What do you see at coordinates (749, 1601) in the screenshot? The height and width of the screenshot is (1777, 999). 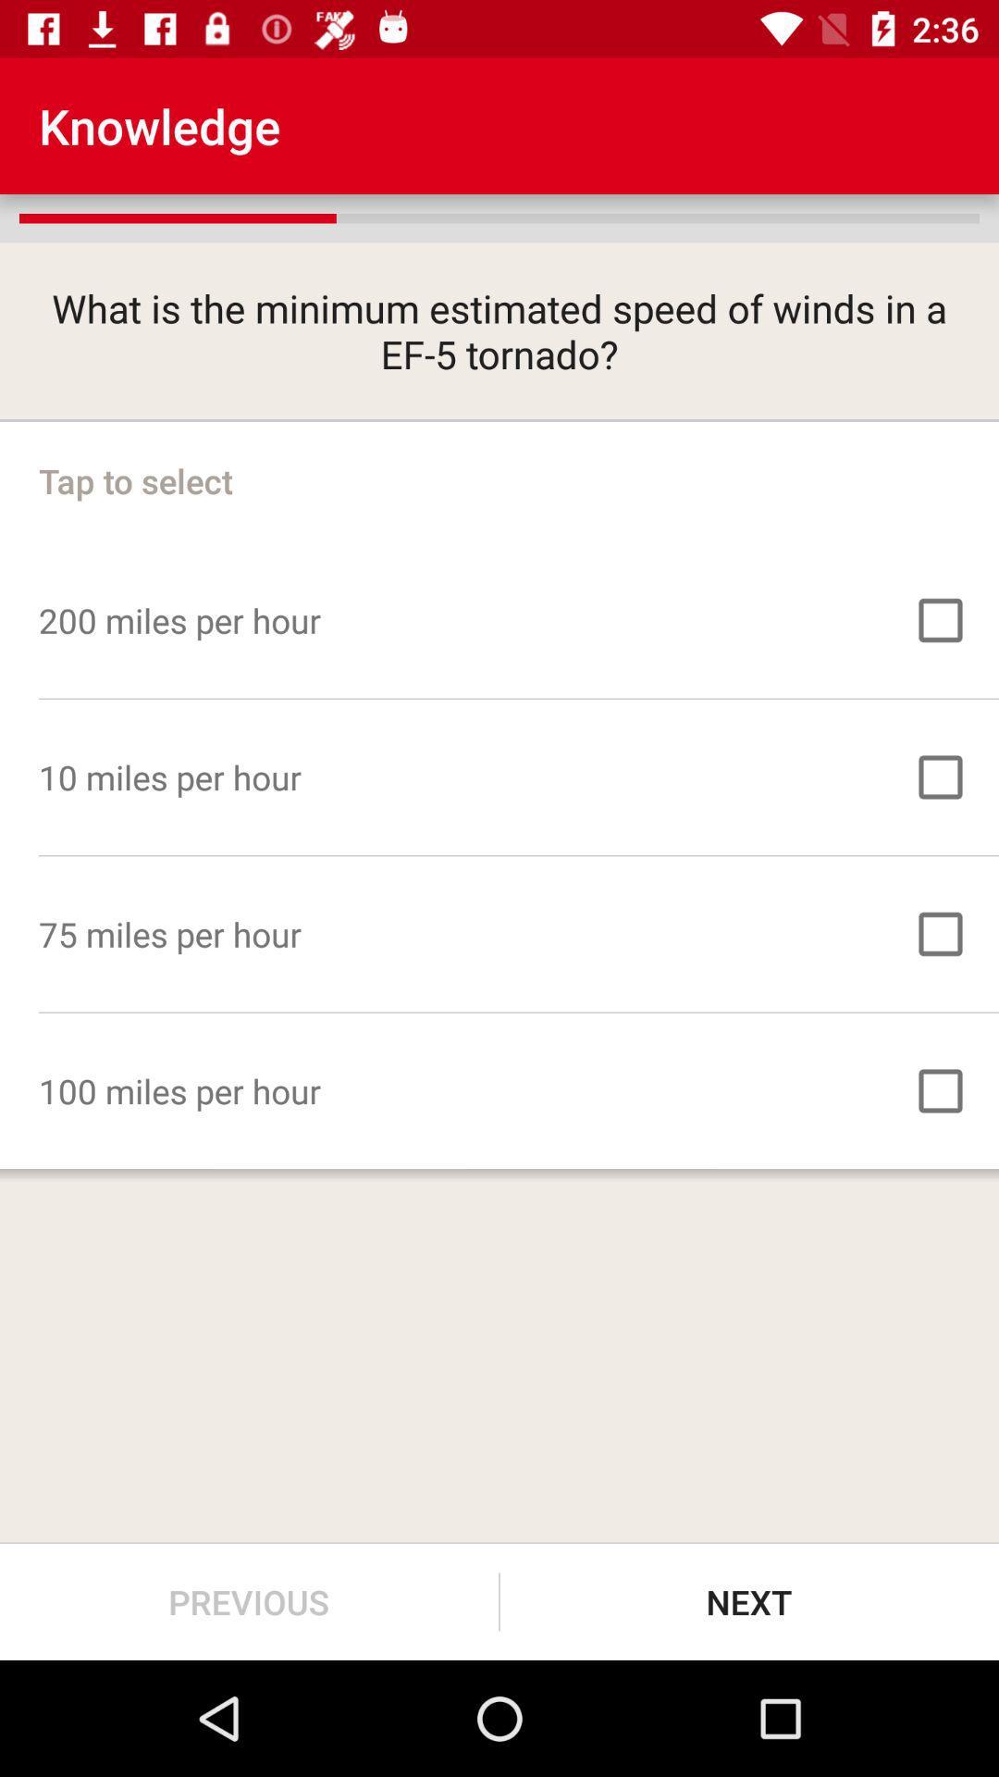 I see `the next` at bounding box center [749, 1601].